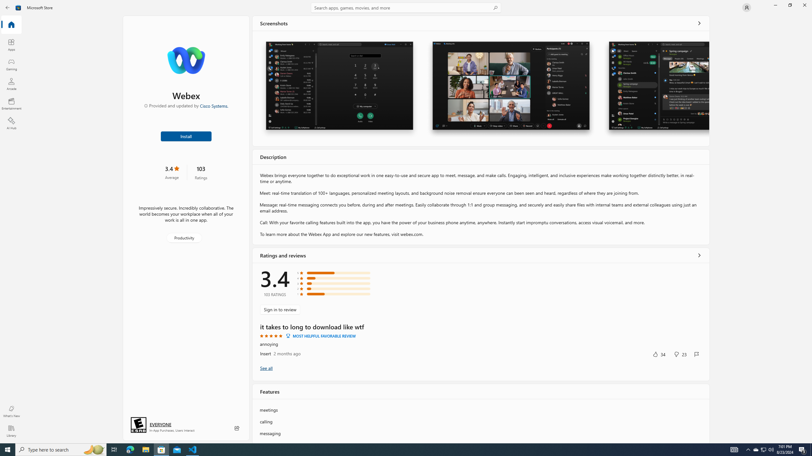 The height and width of the screenshot is (456, 812). What do you see at coordinates (697, 354) in the screenshot?
I see `'Report review'` at bounding box center [697, 354].